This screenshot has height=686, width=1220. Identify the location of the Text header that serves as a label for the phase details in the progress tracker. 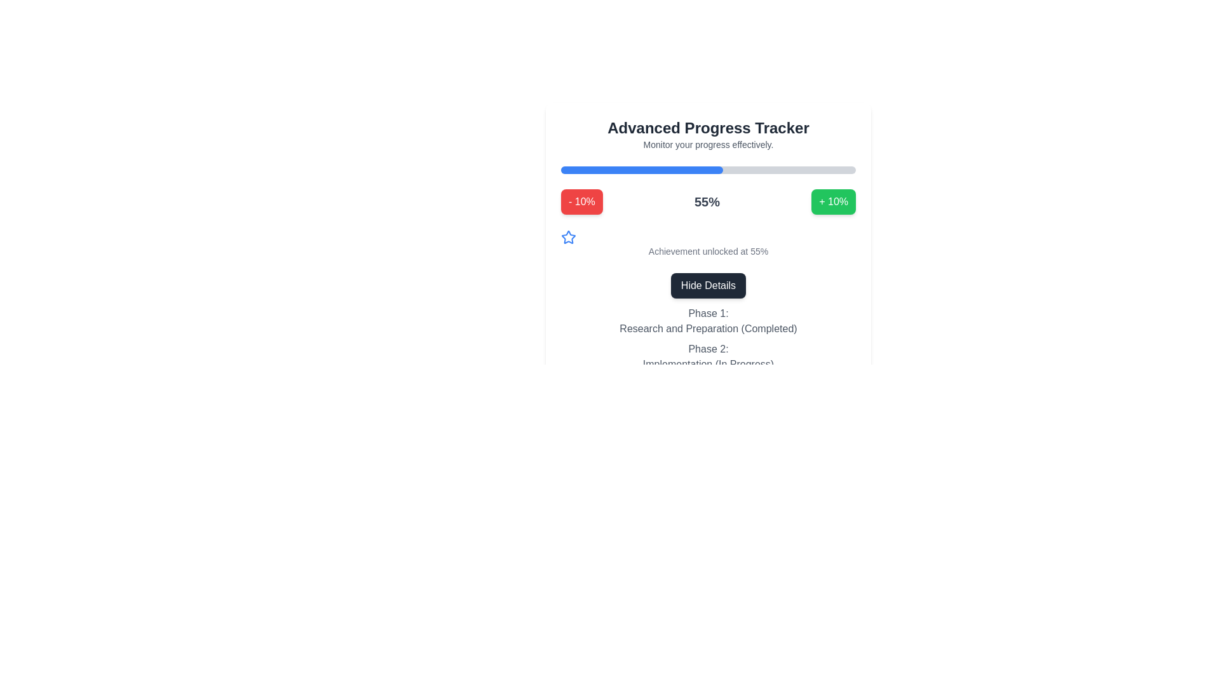
(707, 313).